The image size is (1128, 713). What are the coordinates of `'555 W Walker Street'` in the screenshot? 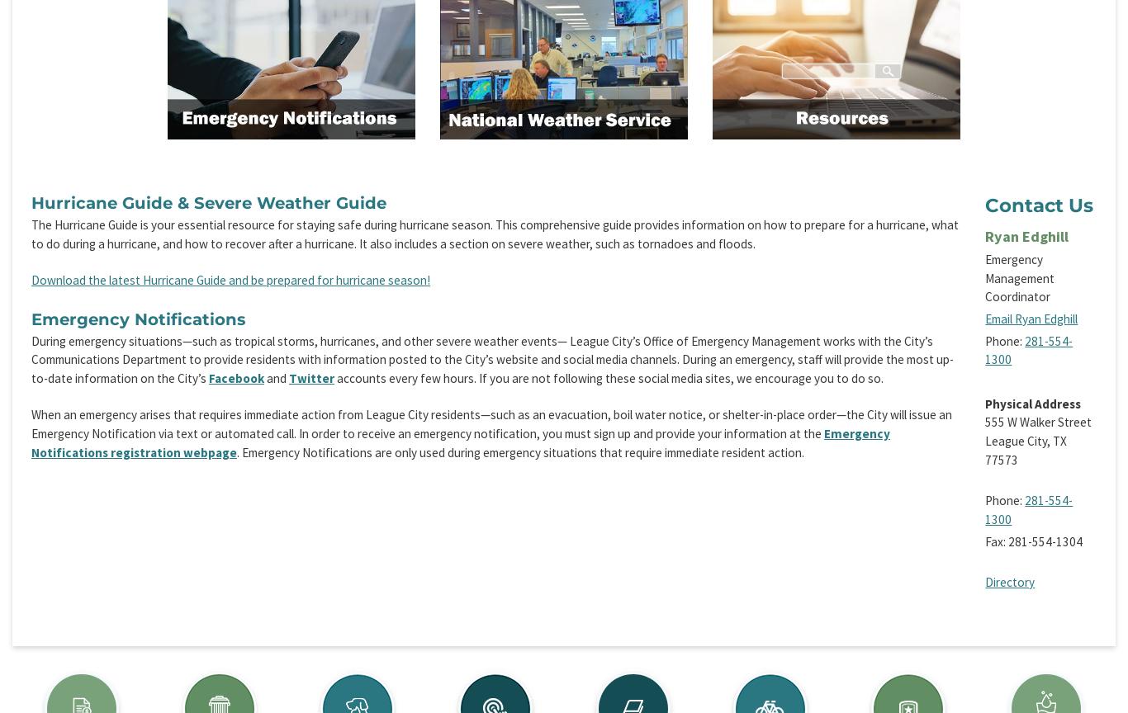 It's located at (1037, 422).